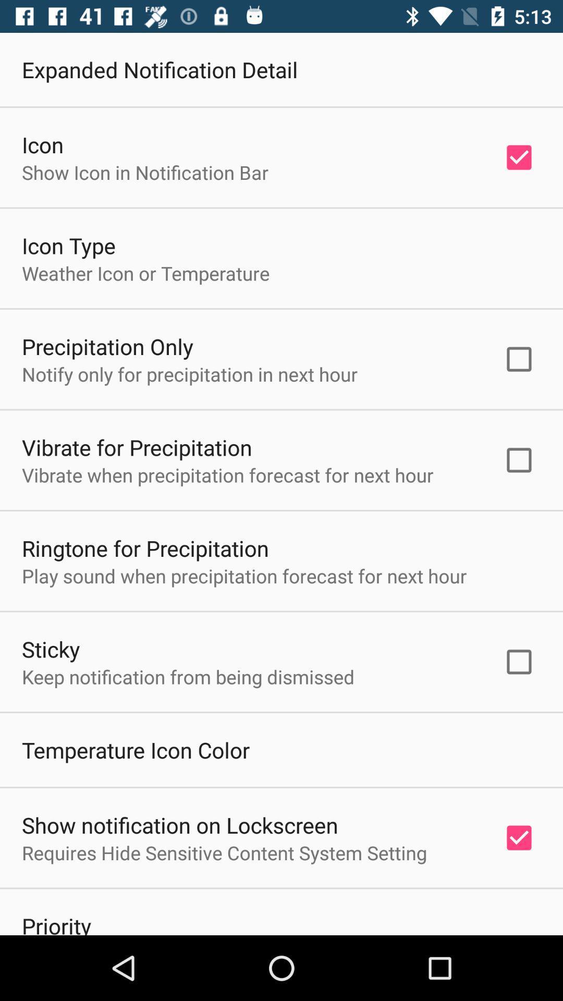 The width and height of the screenshot is (563, 1001). What do you see at coordinates (56, 923) in the screenshot?
I see `item below the requires hide sensitive` at bounding box center [56, 923].